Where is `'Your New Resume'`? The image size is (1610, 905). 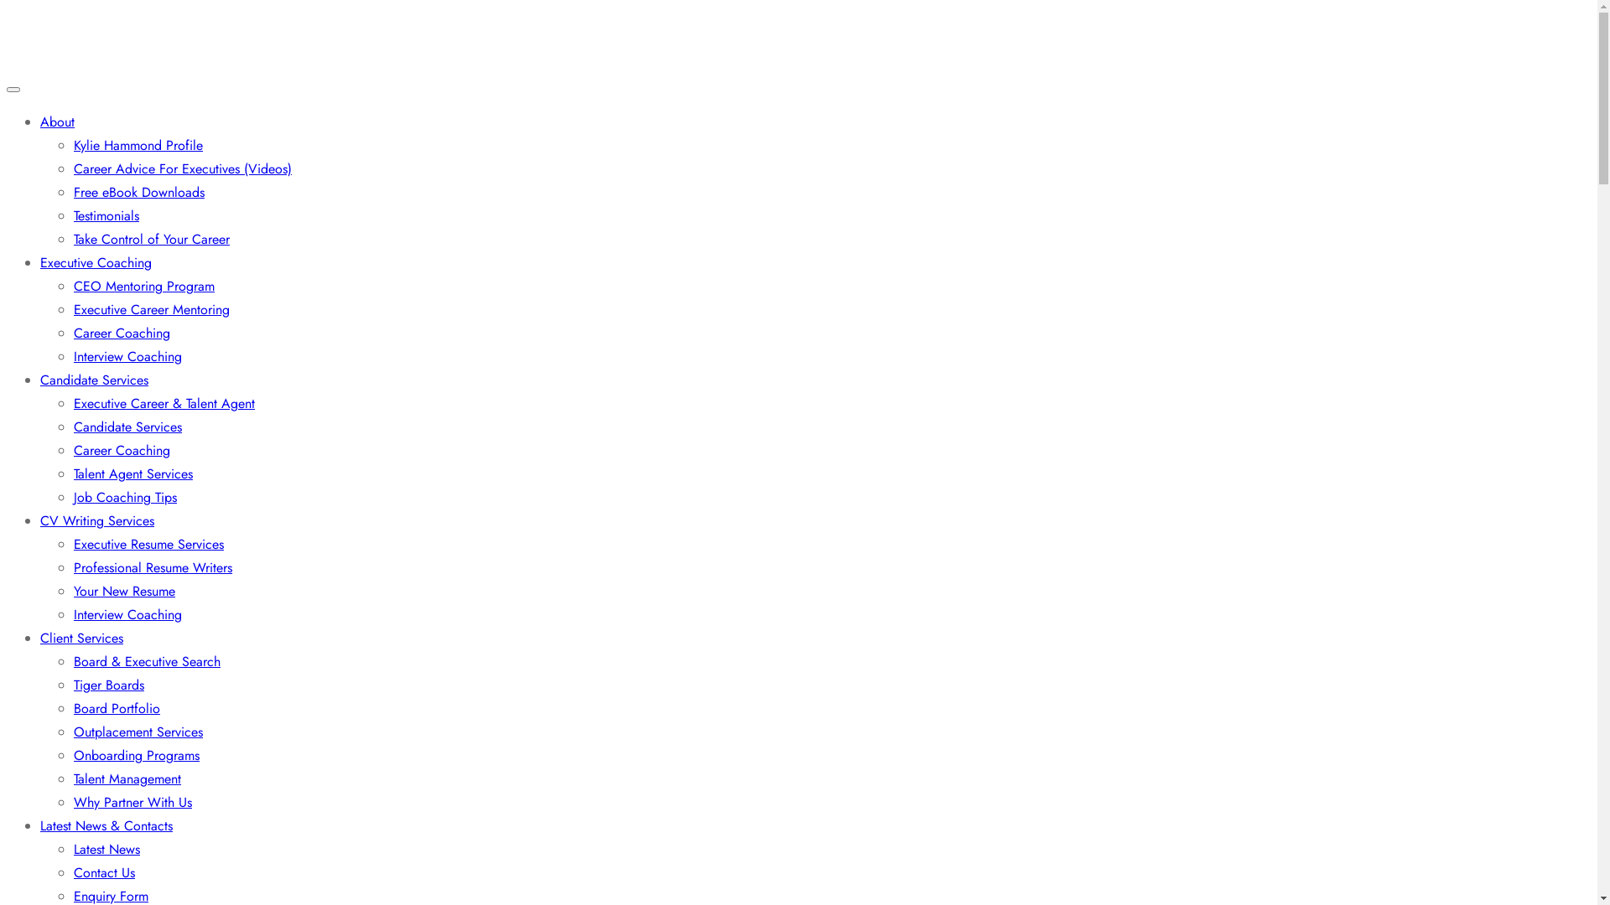 'Your New Resume' is located at coordinates (123, 590).